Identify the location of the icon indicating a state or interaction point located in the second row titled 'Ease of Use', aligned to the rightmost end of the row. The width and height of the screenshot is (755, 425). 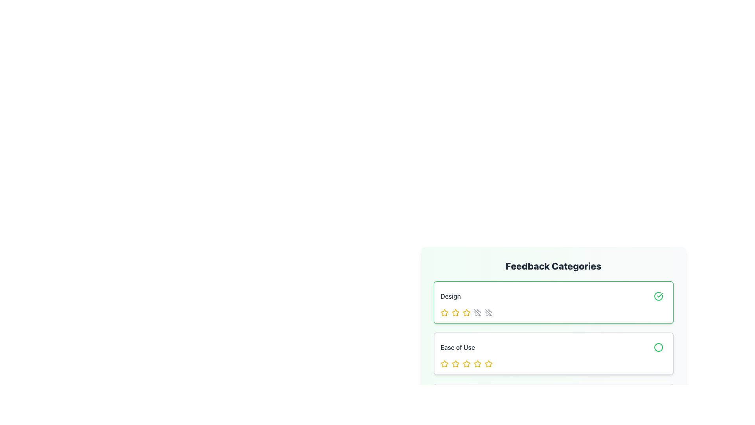
(658, 347).